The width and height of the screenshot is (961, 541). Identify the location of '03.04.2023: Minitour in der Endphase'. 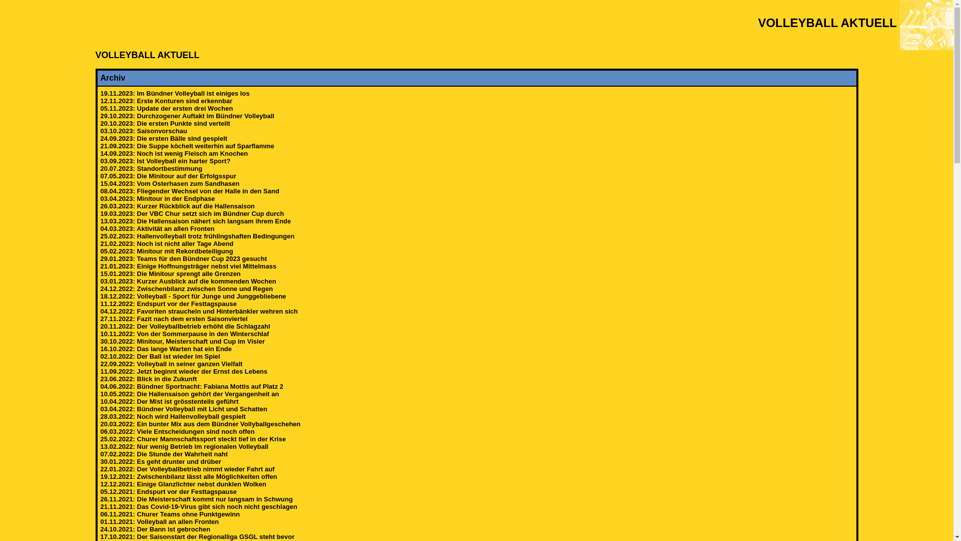
(157, 198).